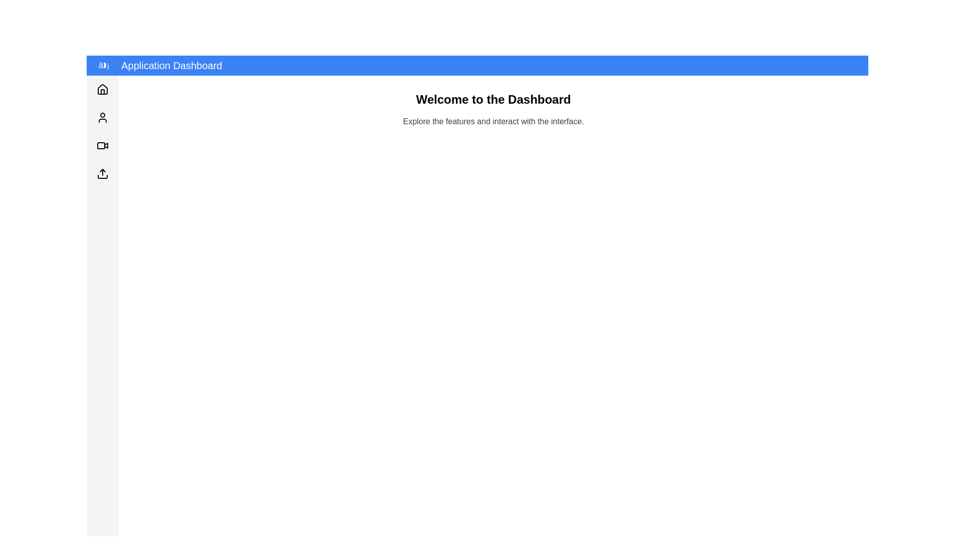  Describe the element at coordinates (171, 66) in the screenshot. I see `the Text label that serves as a title or header for the application interface, located in the top-left section of the header, next to the menu toggle icon (≡)` at that location.